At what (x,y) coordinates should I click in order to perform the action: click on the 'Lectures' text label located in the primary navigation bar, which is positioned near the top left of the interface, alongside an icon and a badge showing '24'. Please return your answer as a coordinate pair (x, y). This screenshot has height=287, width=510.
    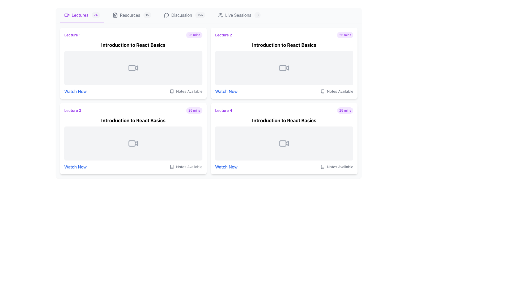
    Looking at the image, I should click on (80, 15).